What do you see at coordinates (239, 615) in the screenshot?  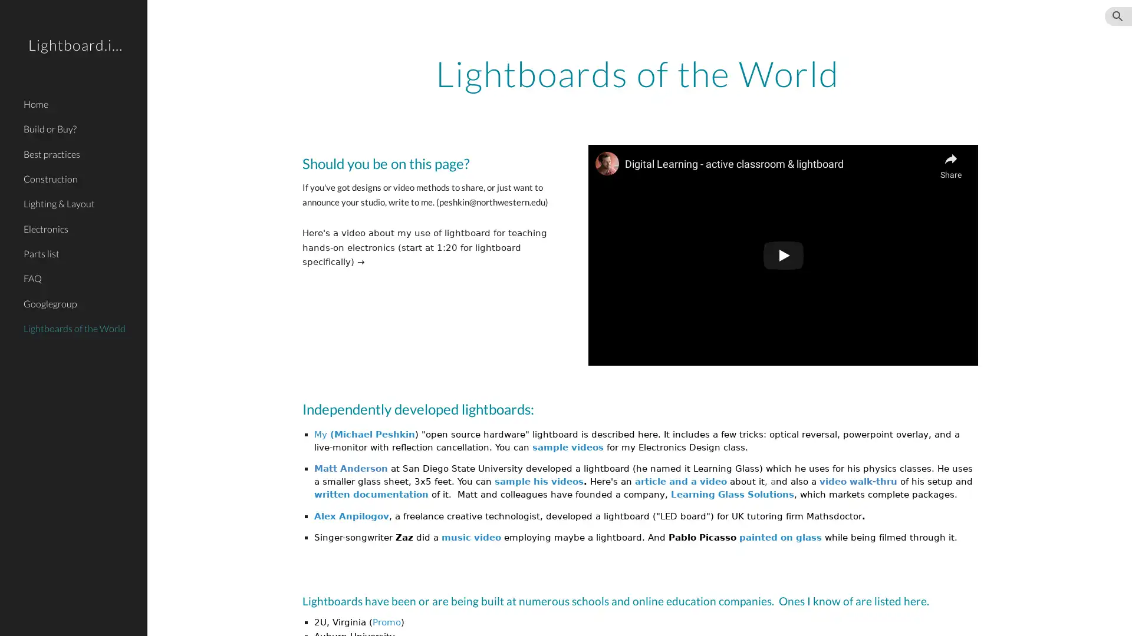 I see `Google Sites` at bounding box center [239, 615].